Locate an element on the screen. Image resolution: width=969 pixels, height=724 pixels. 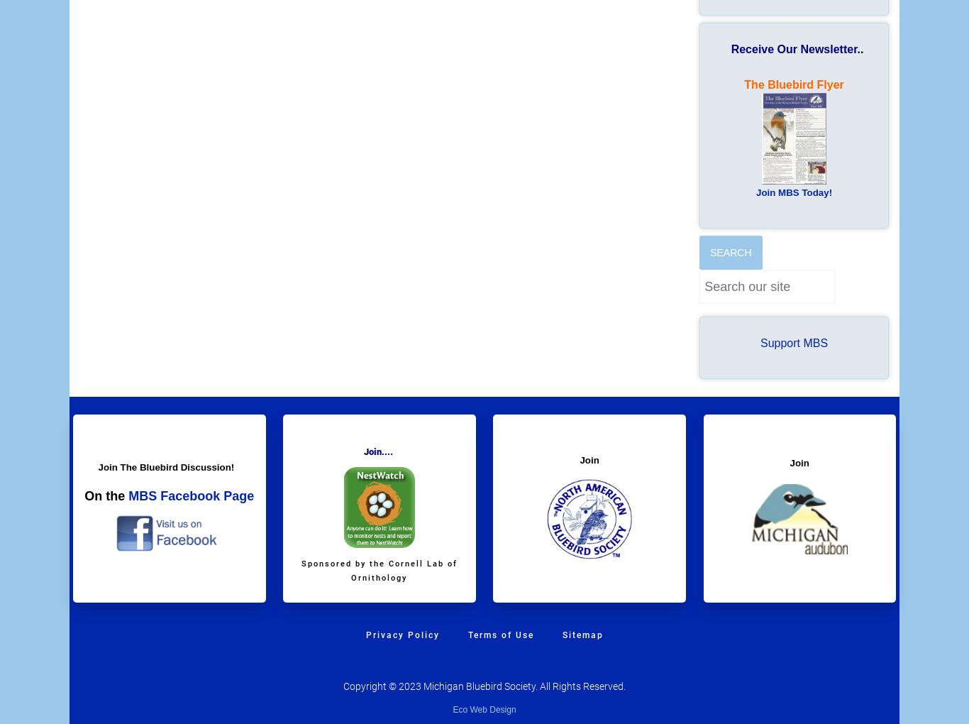
'Sponsored by the Cornell Lab of Ornithology' is located at coordinates (378, 570).